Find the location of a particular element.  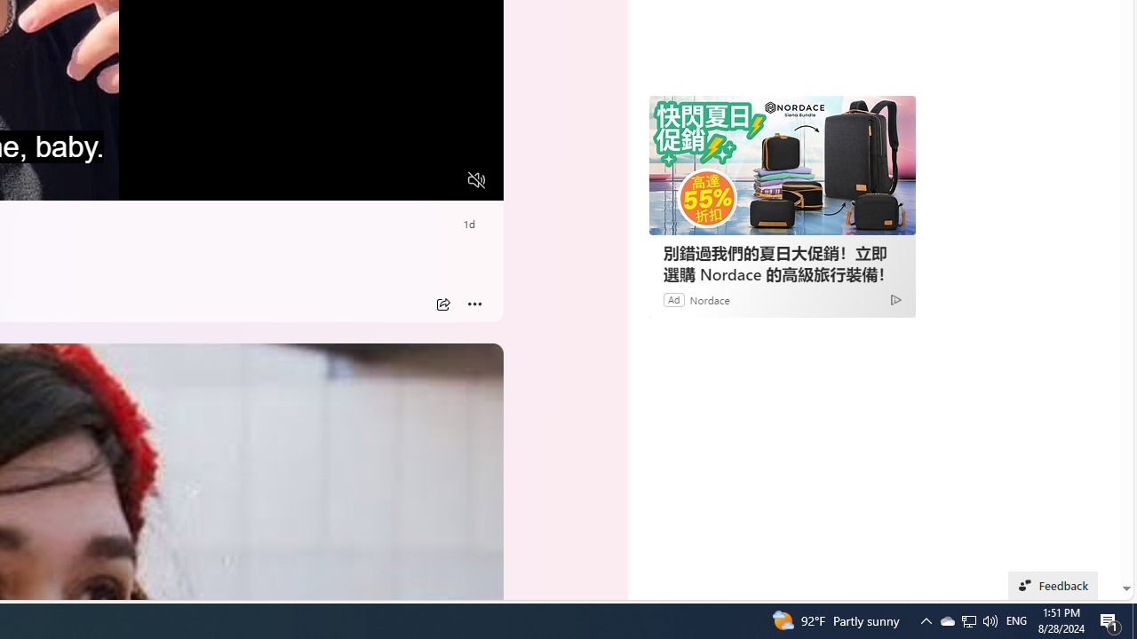

'Ad Choice' is located at coordinates (895, 298).